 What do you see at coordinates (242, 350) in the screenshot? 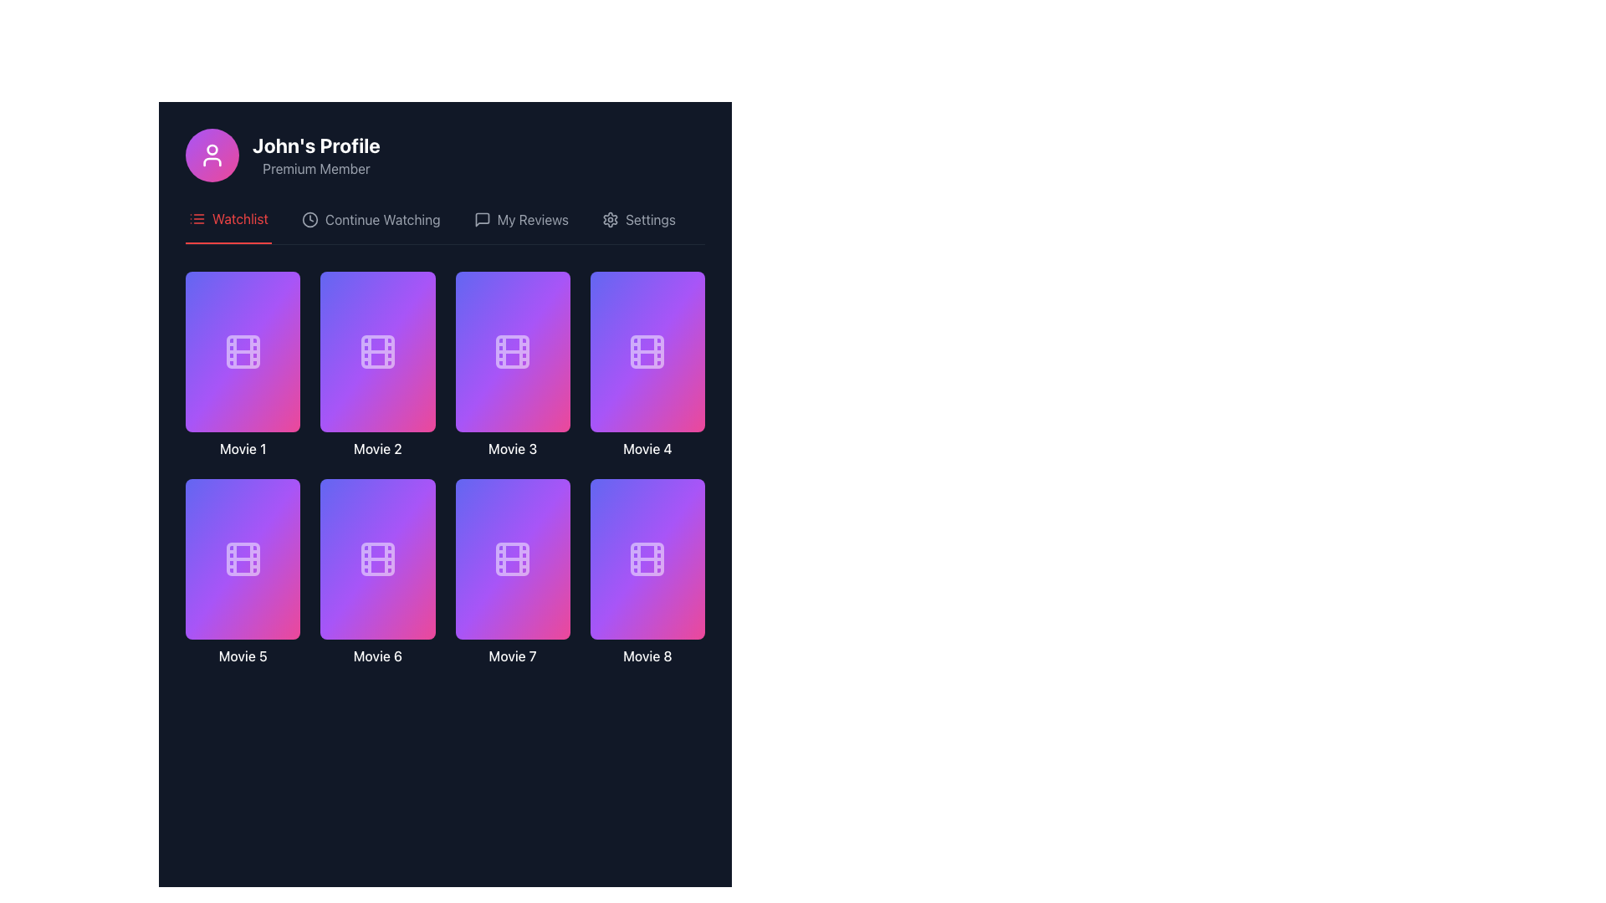
I see `the Card element representing a video or movie item, which is the first in a grid structure under the 'Watchlist' tab` at bounding box center [242, 350].